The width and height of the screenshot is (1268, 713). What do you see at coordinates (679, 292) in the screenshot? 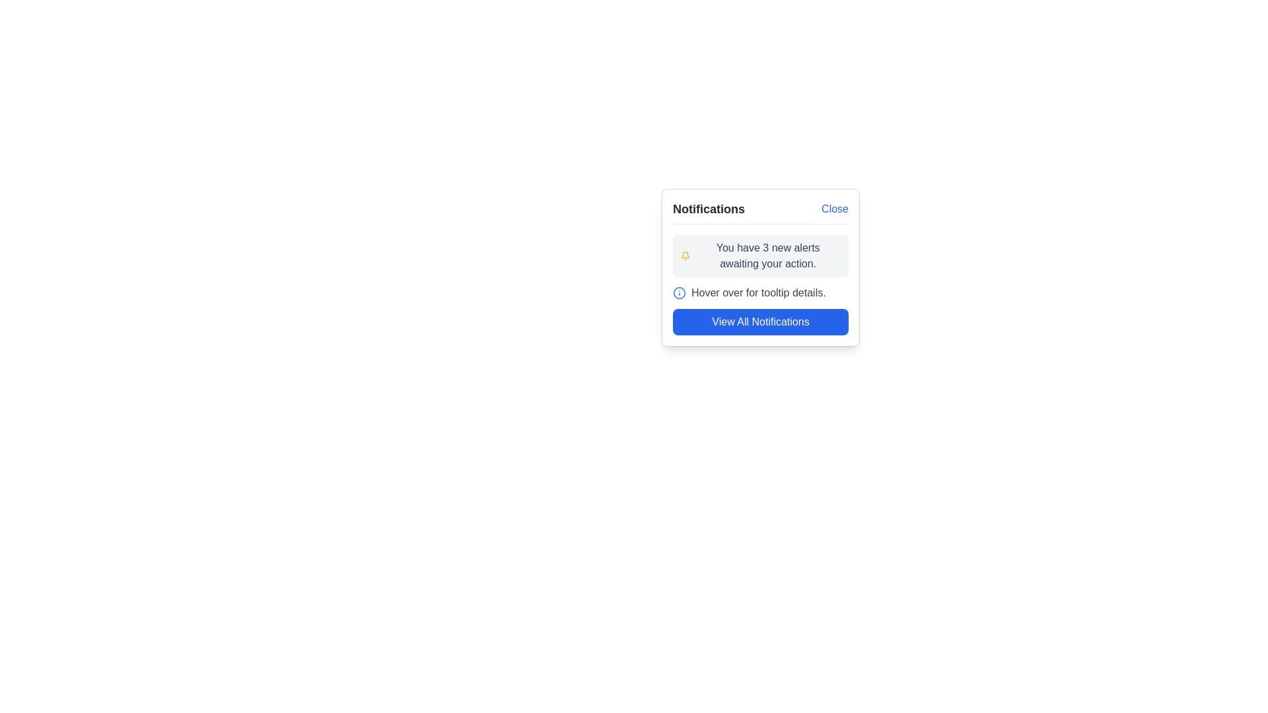
I see `the icon located in the second row of the notification card, to the left of the text 'Hover over for tooltip details.'` at bounding box center [679, 292].